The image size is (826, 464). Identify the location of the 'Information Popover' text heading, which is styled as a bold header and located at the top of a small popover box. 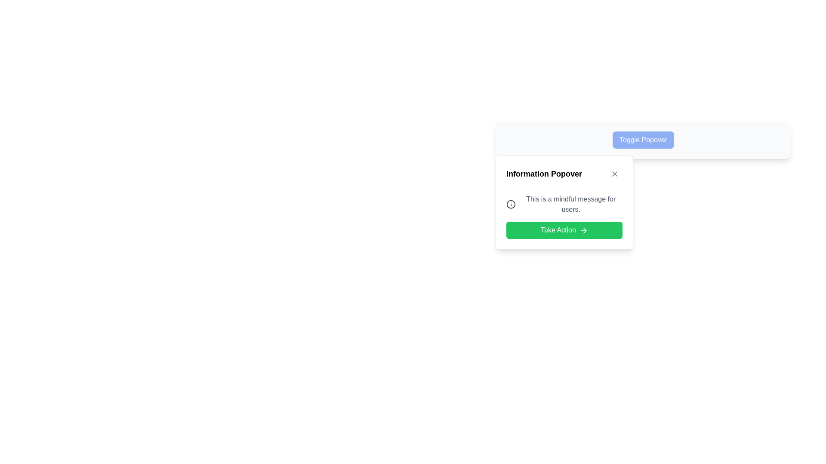
(564, 176).